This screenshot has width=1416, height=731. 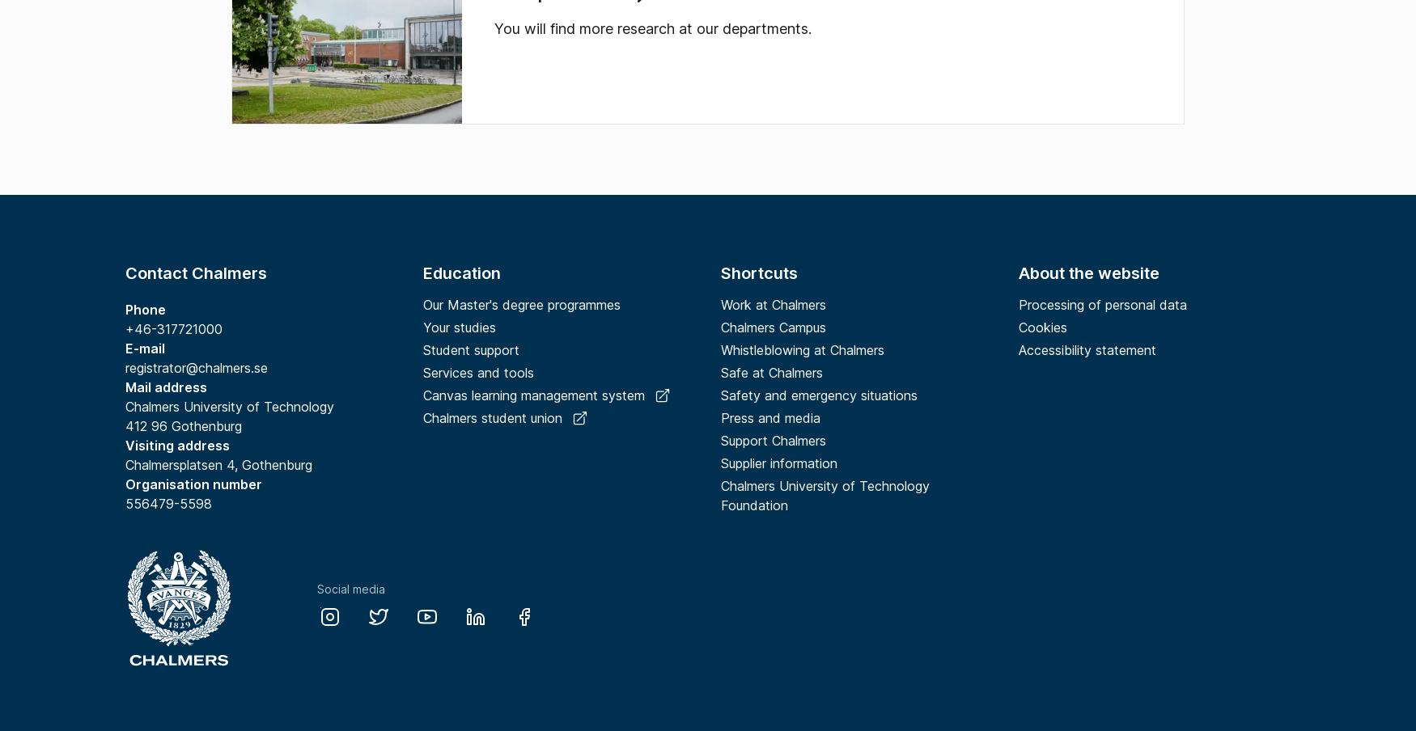 I want to click on 'E-mail', so click(x=144, y=349).